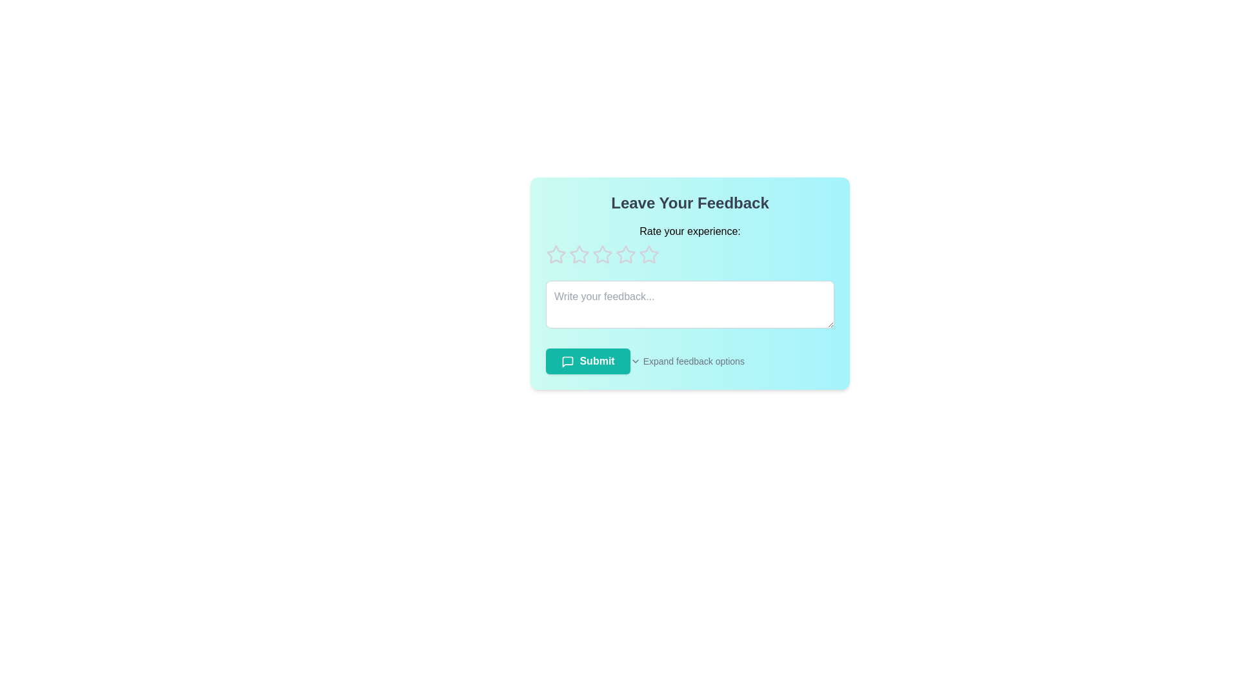 The height and width of the screenshot is (697, 1239). What do you see at coordinates (567, 361) in the screenshot?
I see `the teal speech bubble icon located at the left part of the 'Submit' button within the feedback form` at bounding box center [567, 361].